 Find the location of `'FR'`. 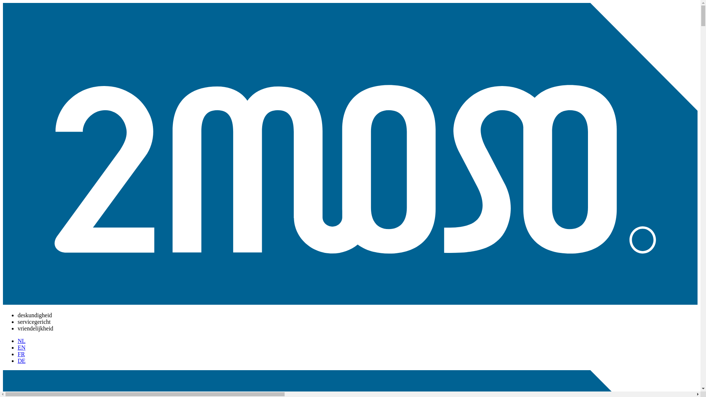

'FR' is located at coordinates (18, 354).